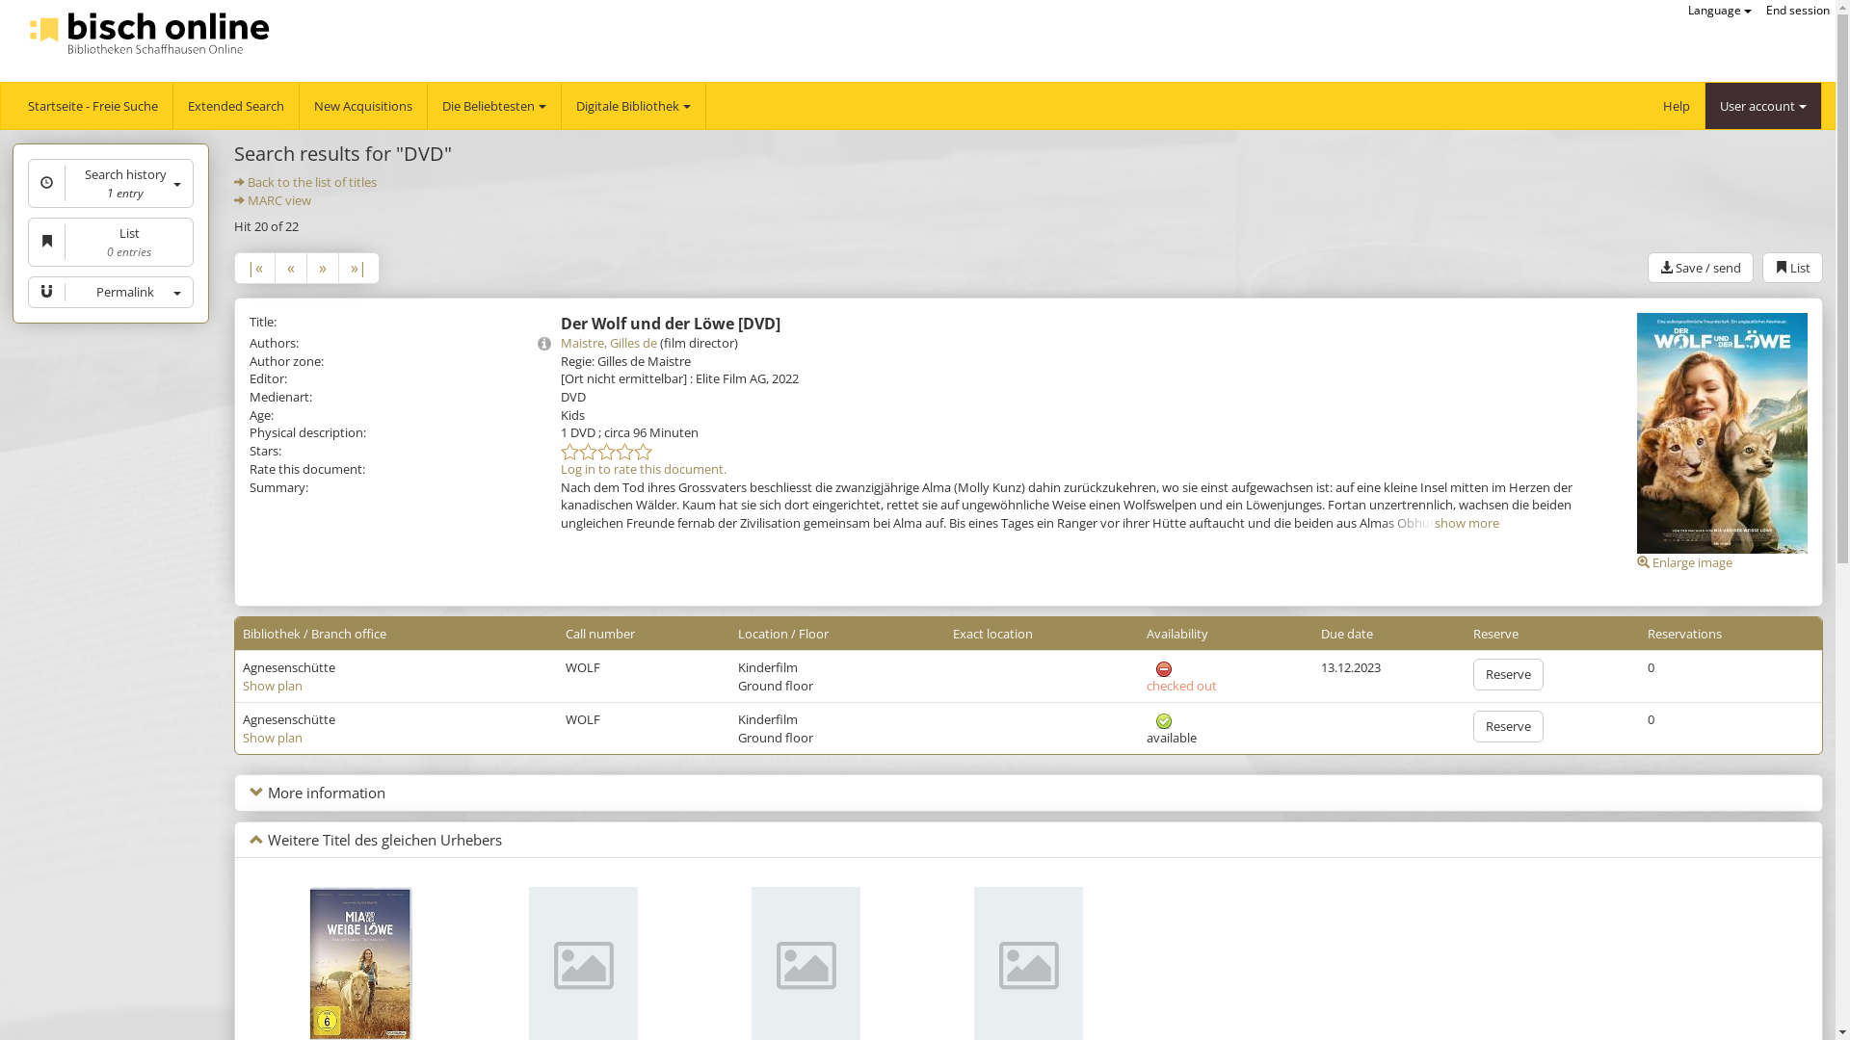  What do you see at coordinates (242, 737) in the screenshot?
I see `'Show plan'` at bounding box center [242, 737].